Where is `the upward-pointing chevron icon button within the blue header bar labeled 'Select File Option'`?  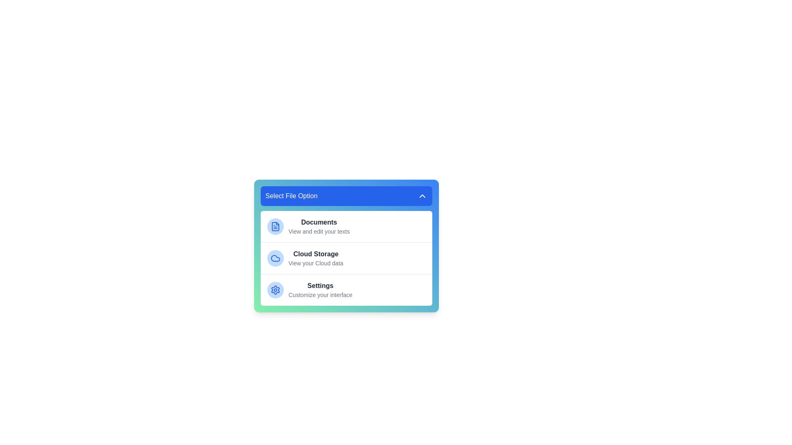 the upward-pointing chevron icon button within the blue header bar labeled 'Select File Option' is located at coordinates (422, 196).